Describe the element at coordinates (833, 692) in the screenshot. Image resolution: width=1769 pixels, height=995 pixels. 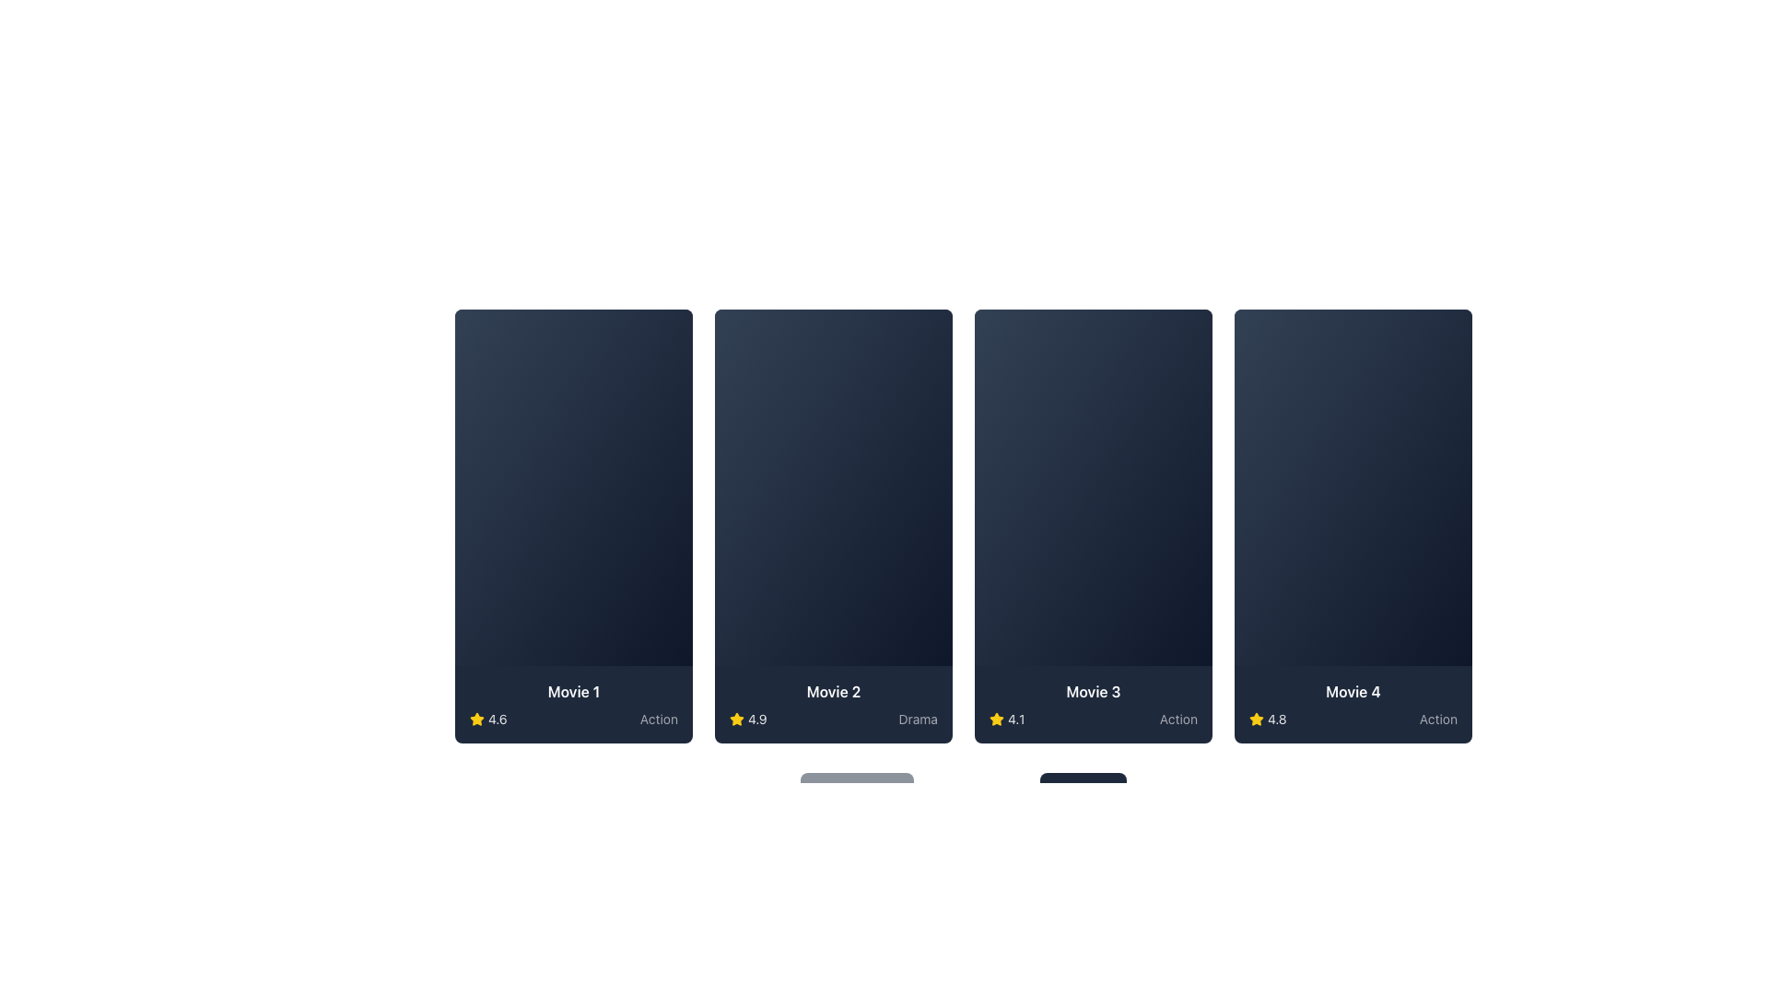
I see `the 'Movie 2' text label, which is displayed in bold white font against a dark background` at that location.